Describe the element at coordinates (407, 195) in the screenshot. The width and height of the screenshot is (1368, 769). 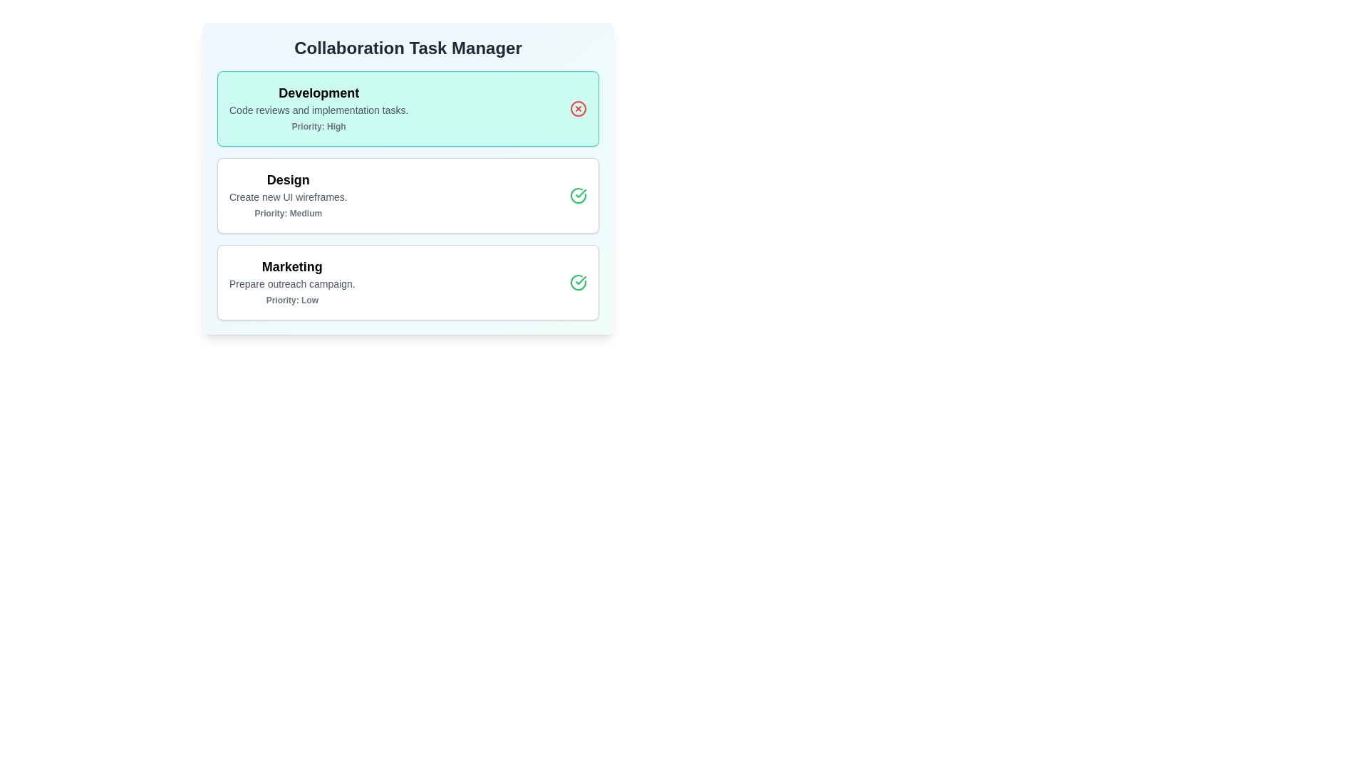
I see `the task Design to highlight it` at that location.